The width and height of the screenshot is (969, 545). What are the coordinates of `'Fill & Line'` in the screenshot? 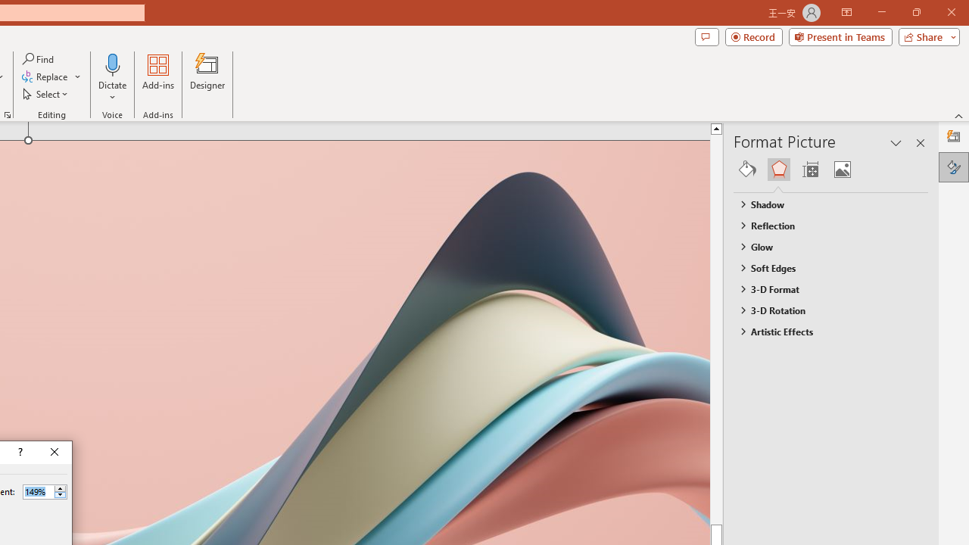 It's located at (747, 169).